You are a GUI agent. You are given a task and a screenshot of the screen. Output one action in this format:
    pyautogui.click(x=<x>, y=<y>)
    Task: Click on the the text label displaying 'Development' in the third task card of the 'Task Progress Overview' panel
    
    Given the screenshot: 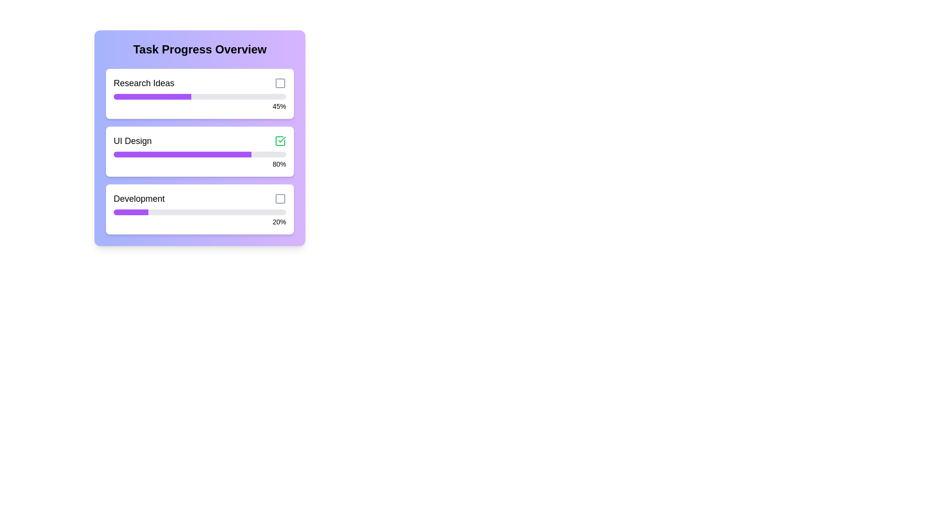 What is the action you would take?
    pyautogui.click(x=138, y=198)
    